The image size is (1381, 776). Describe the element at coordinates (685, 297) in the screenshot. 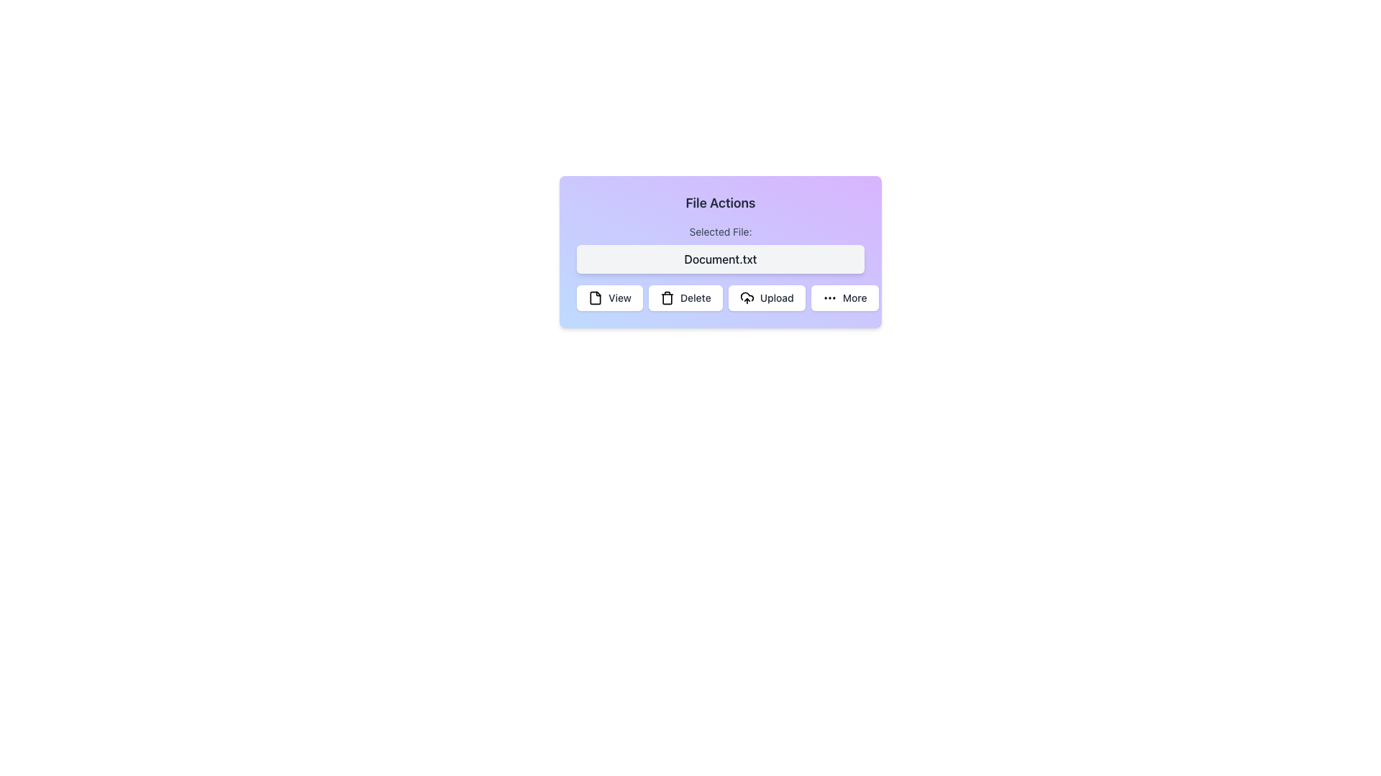

I see `the 'Delete' button, which is the second button in the horizontal row under 'File Actions', styled with a white background and featuring a trash can icon on the left` at that location.